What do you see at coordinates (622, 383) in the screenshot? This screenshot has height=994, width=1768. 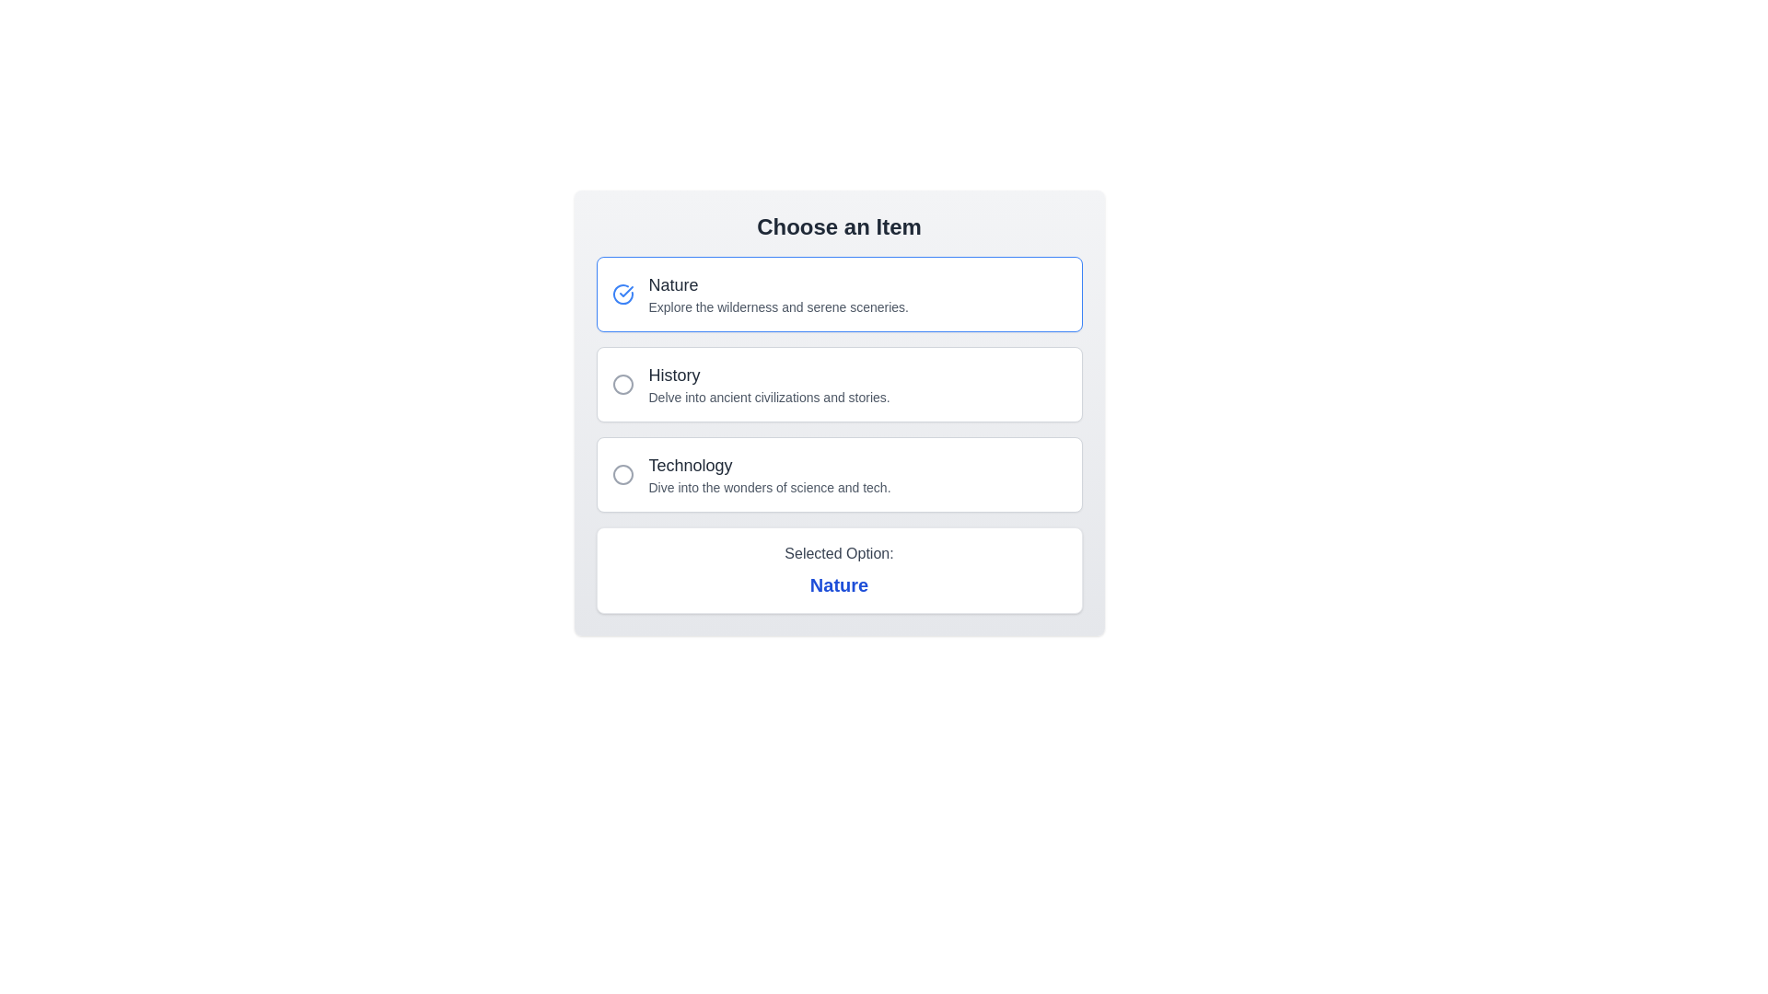 I see `the inner circular component of the radio button associated with the 'History' option` at bounding box center [622, 383].